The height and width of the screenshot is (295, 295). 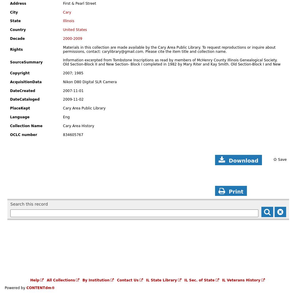 What do you see at coordinates (19, 73) in the screenshot?
I see `'Copyright'` at bounding box center [19, 73].